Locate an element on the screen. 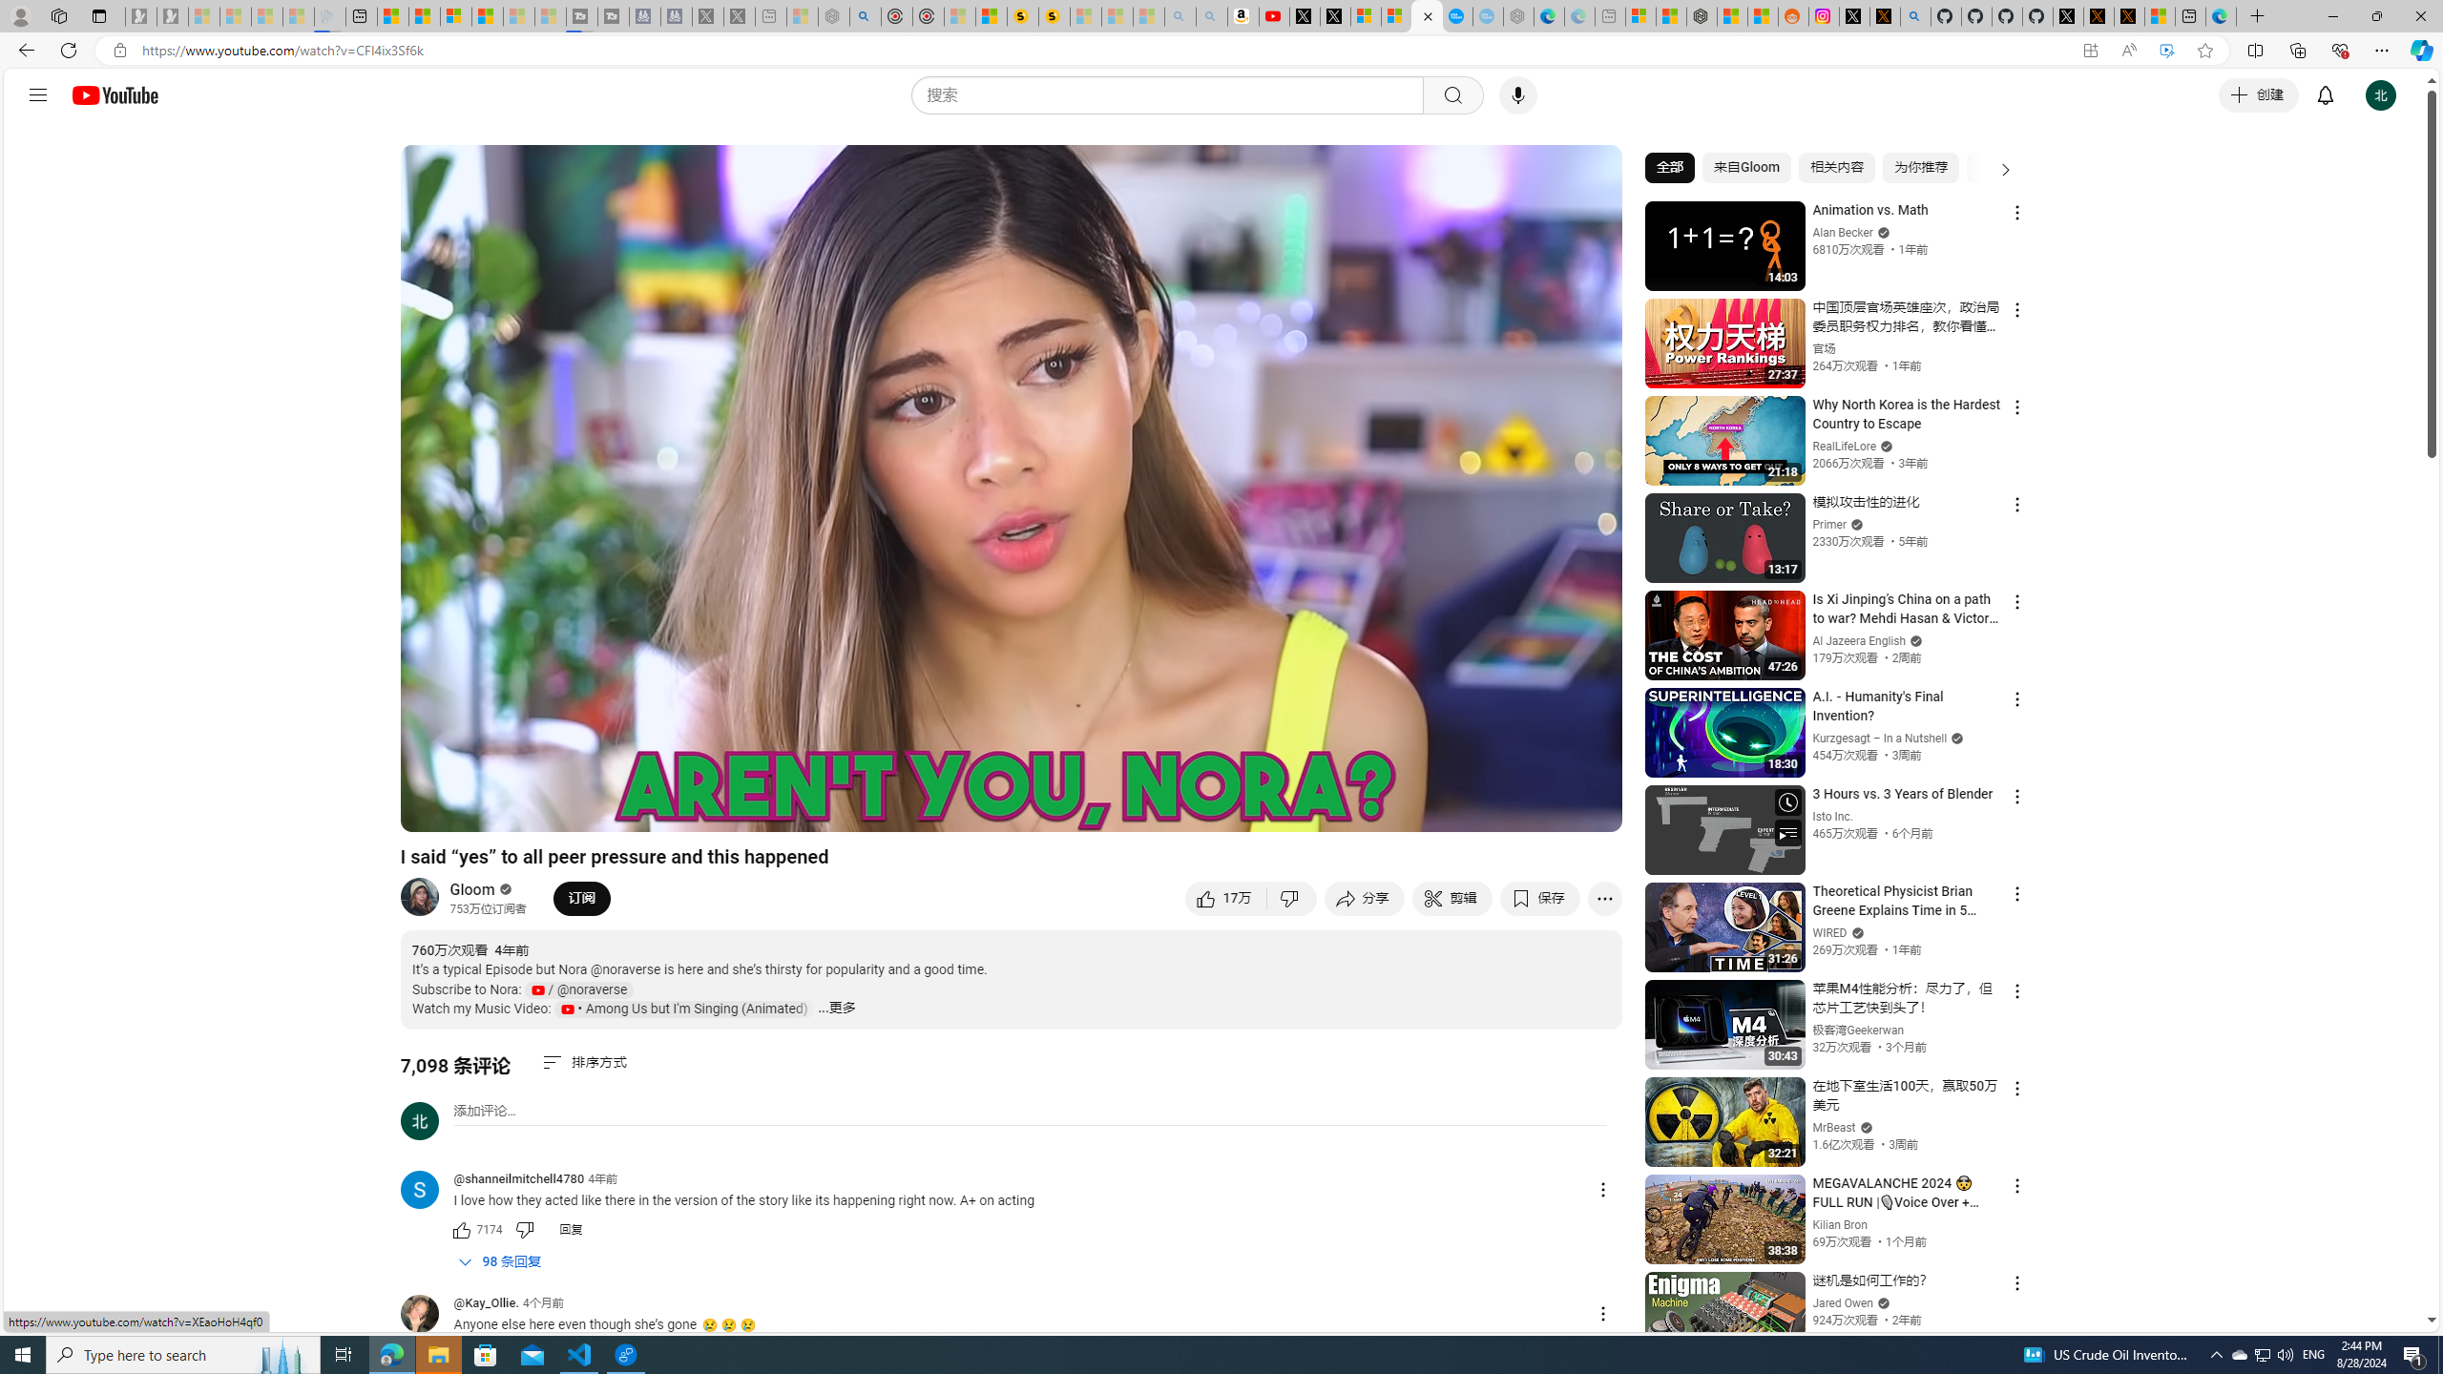 The image size is (2443, 1374). 'Workspaces' is located at coordinates (58, 15).